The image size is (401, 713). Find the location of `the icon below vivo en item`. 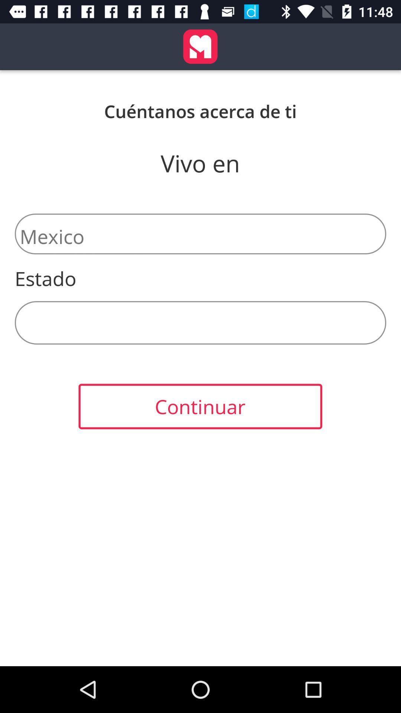

the icon below vivo en item is located at coordinates (200, 233).